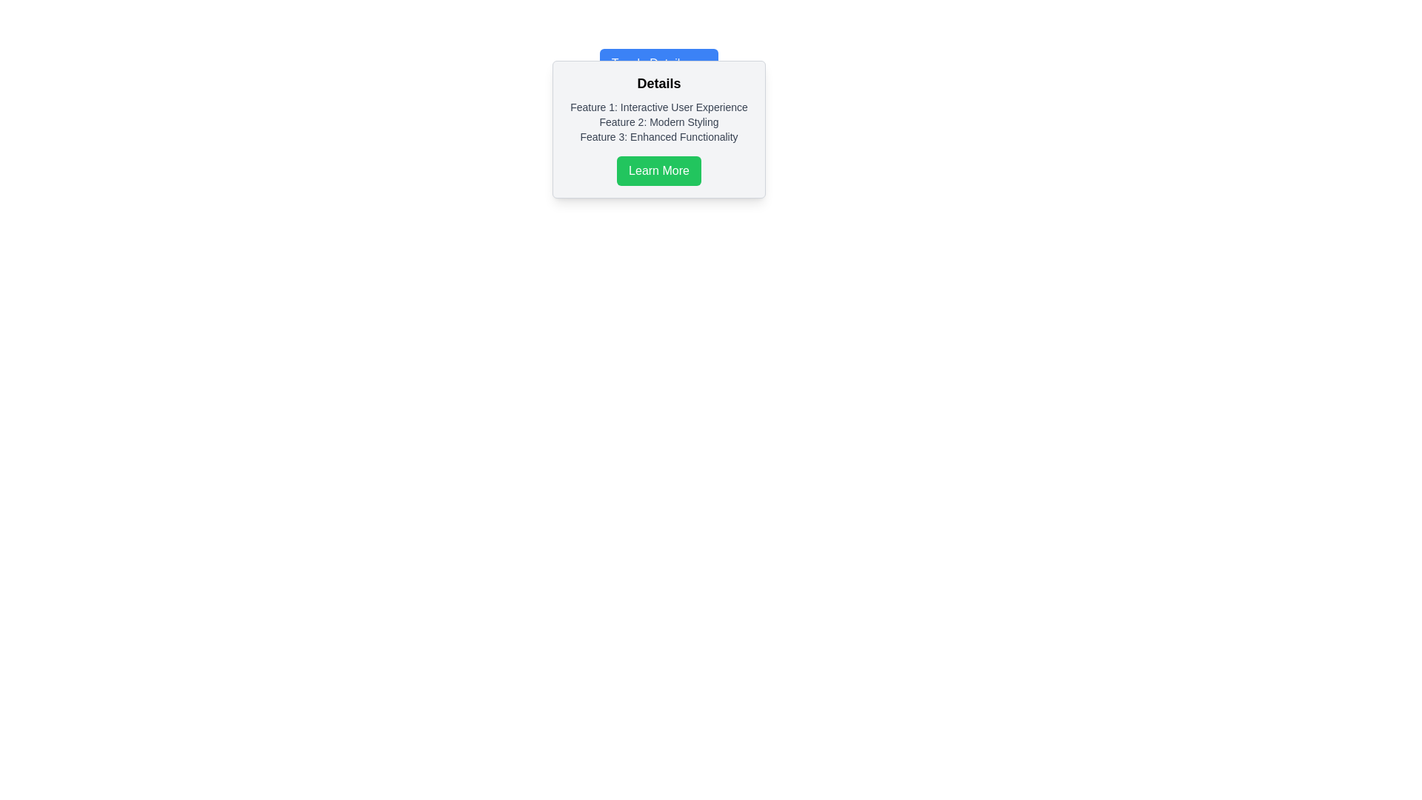 This screenshot has height=800, width=1422. What do you see at coordinates (658, 137) in the screenshot?
I see `the static text that communicates the third feature or benefit of a product, located within a modal dialog, below 'Feature 1: Interactive User Experience' and 'Feature 2: Modern Styling'` at bounding box center [658, 137].